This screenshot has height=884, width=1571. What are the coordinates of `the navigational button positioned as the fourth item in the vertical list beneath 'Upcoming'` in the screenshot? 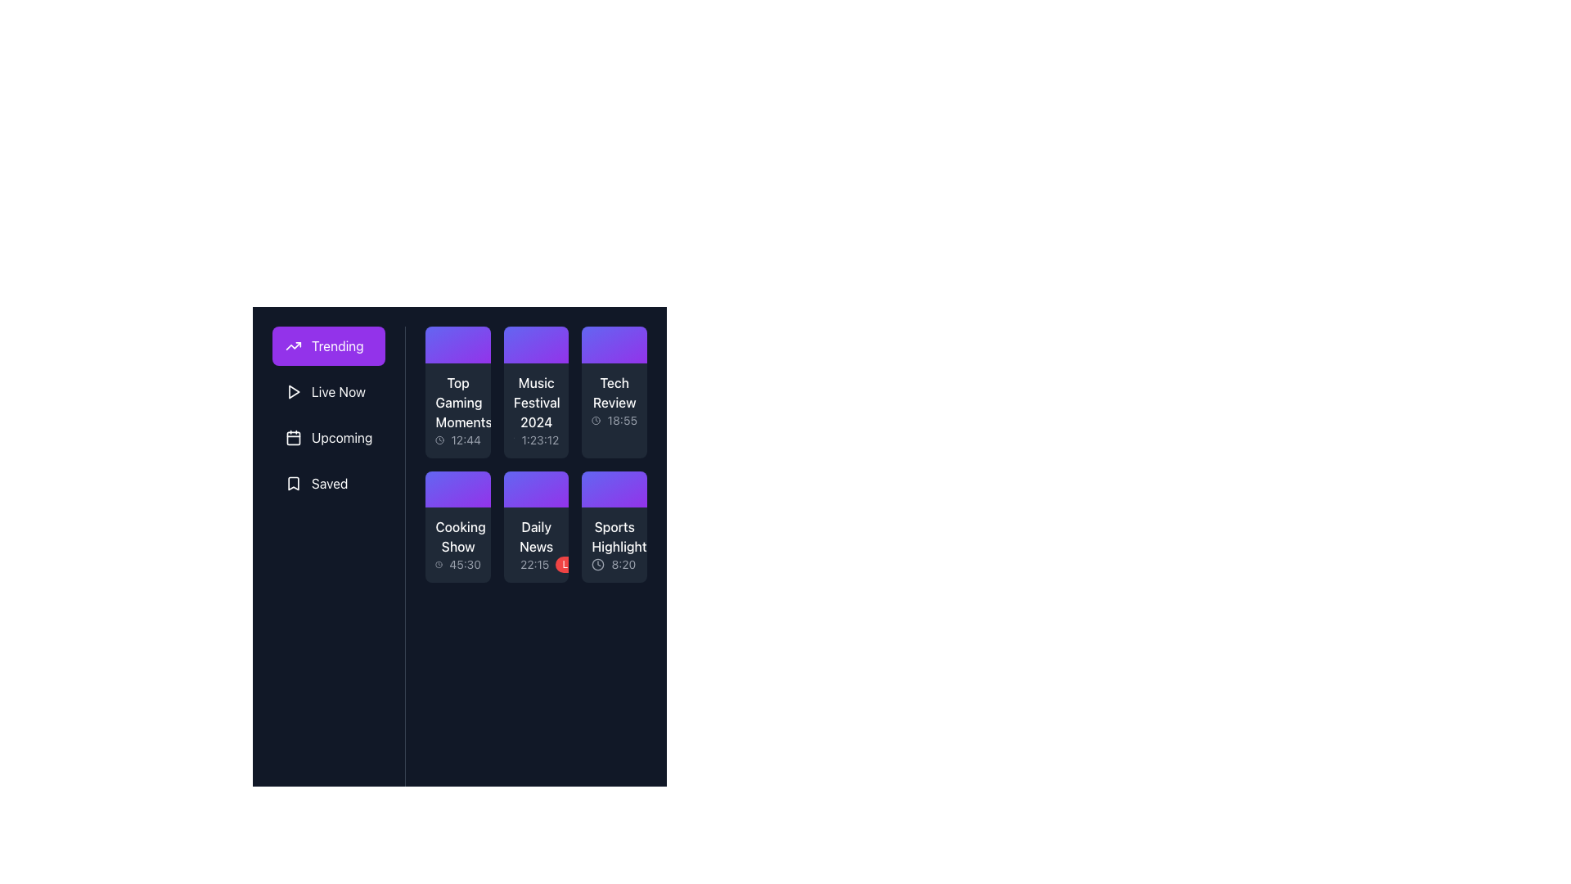 It's located at (328, 482).